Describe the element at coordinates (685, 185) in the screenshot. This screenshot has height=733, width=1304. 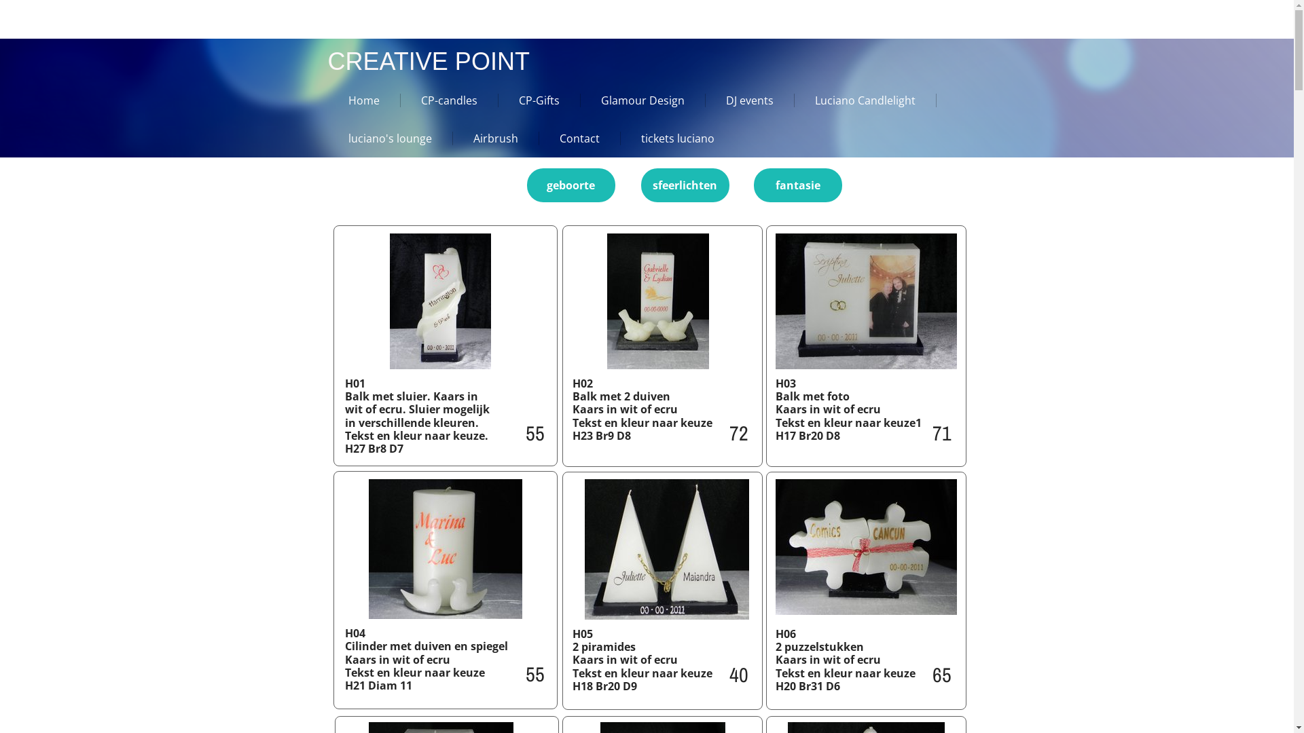
I see `'sfeerlichten'` at that location.